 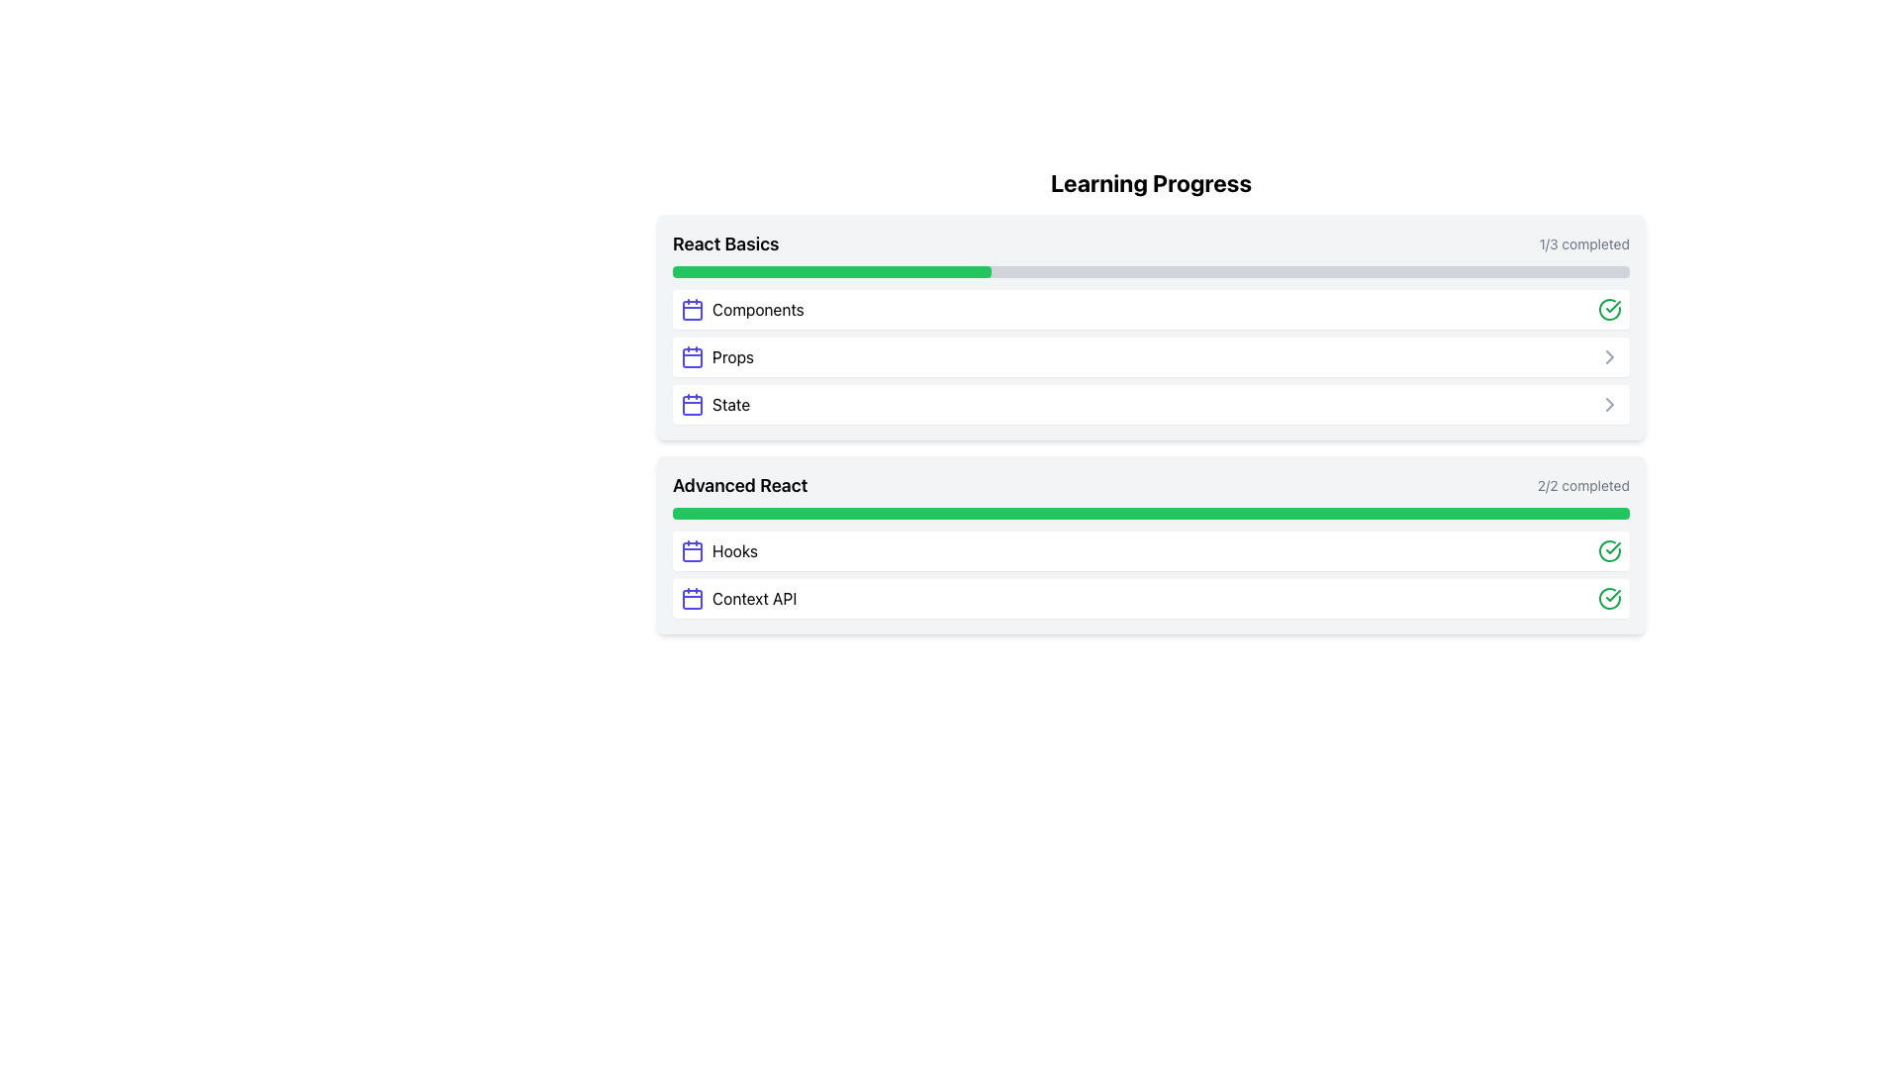 What do you see at coordinates (693, 357) in the screenshot?
I see `'Props' icon located within the 'React Basics' section, positioned to the left of the text 'Props'` at bounding box center [693, 357].